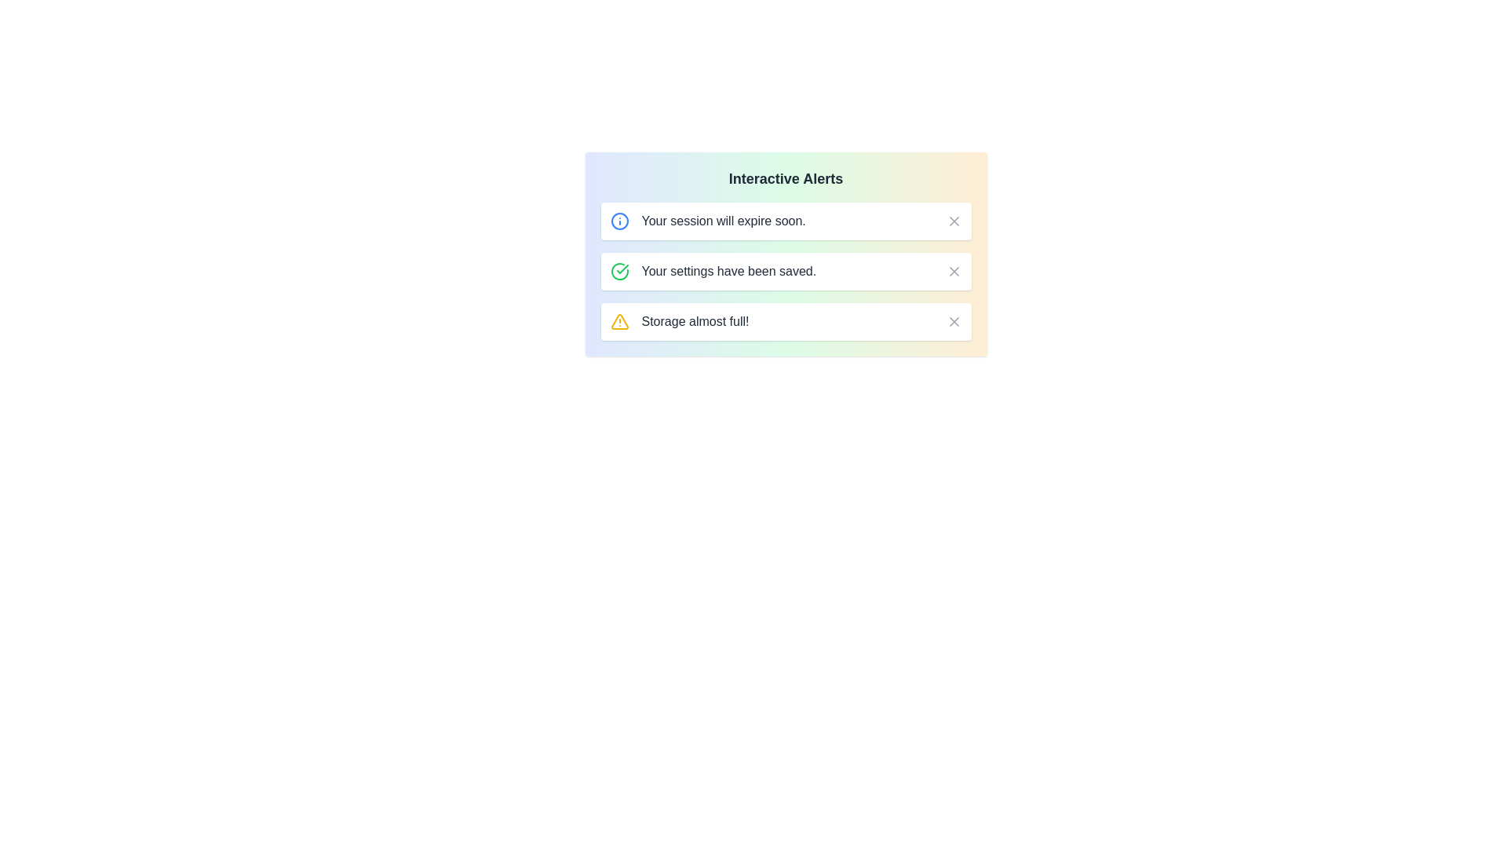 The height and width of the screenshot is (848, 1507). What do you see at coordinates (723, 221) in the screenshot?
I see `the static text label that provides a warning message about impending session expiration, located between a blue information icon and a gray close button` at bounding box center [723, 221].